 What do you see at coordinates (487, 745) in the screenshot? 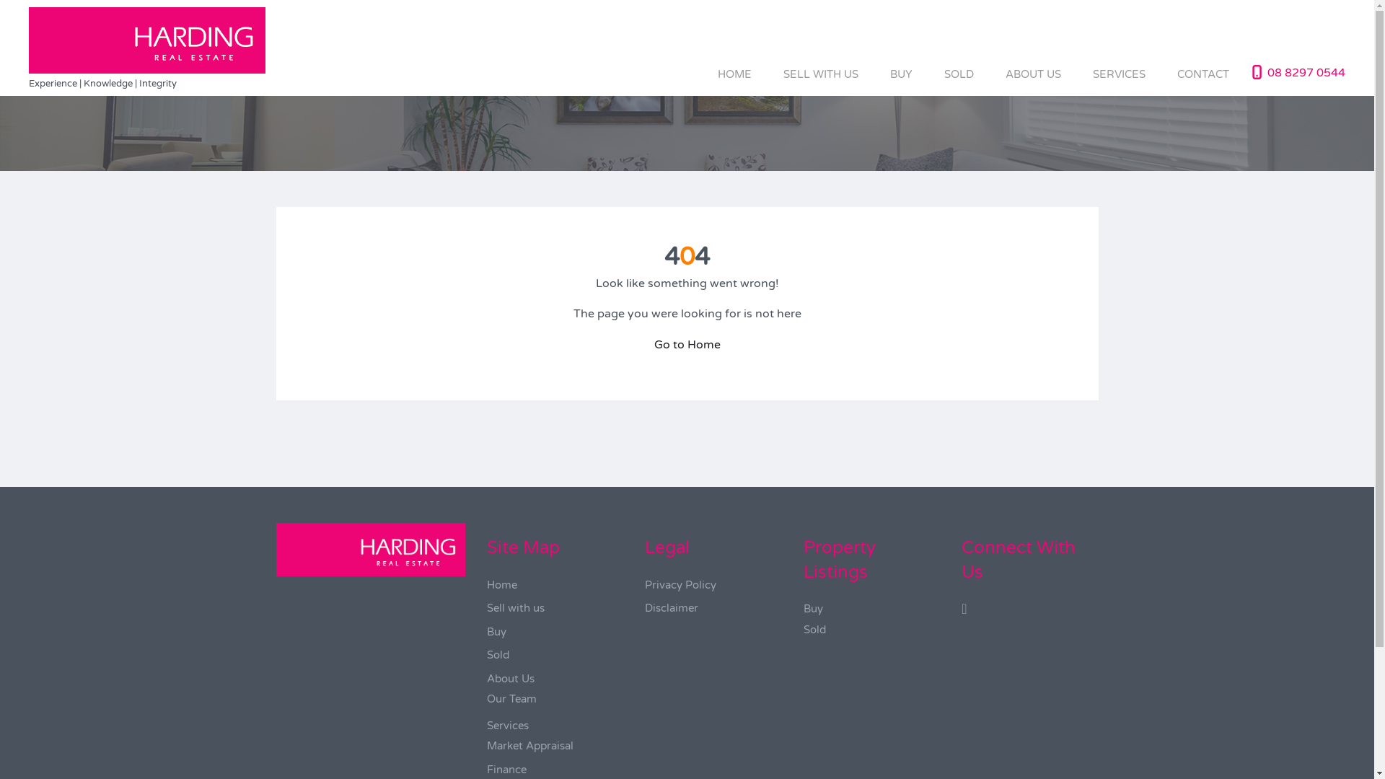
I see `'Market Appraisal'` at bounding box center [487, 745].